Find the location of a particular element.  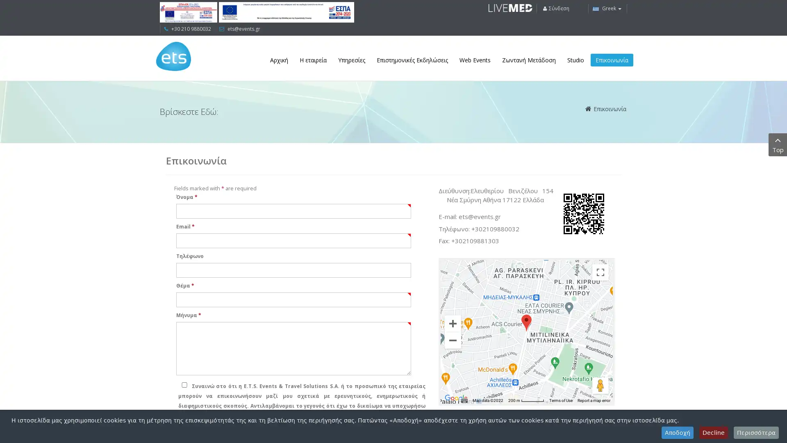

Zoom out is located at coordinates (452, 340).